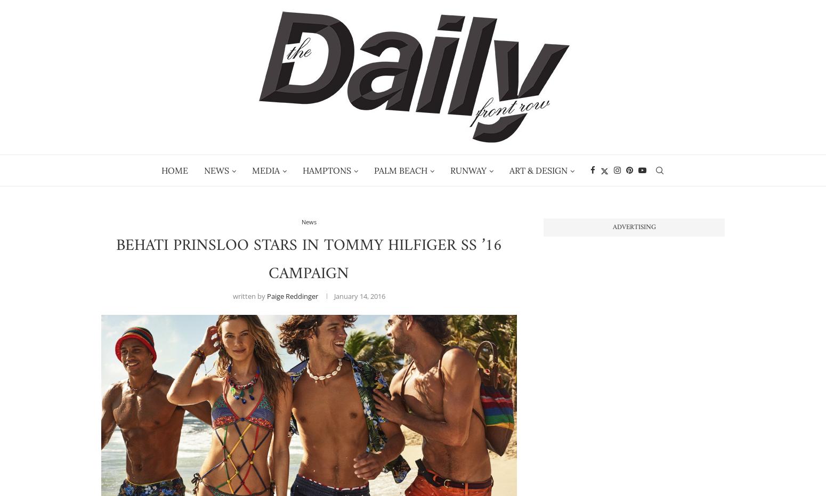 This screenshot has width=826, height=496. I want to click on 'Advertising', so click(634, 226).